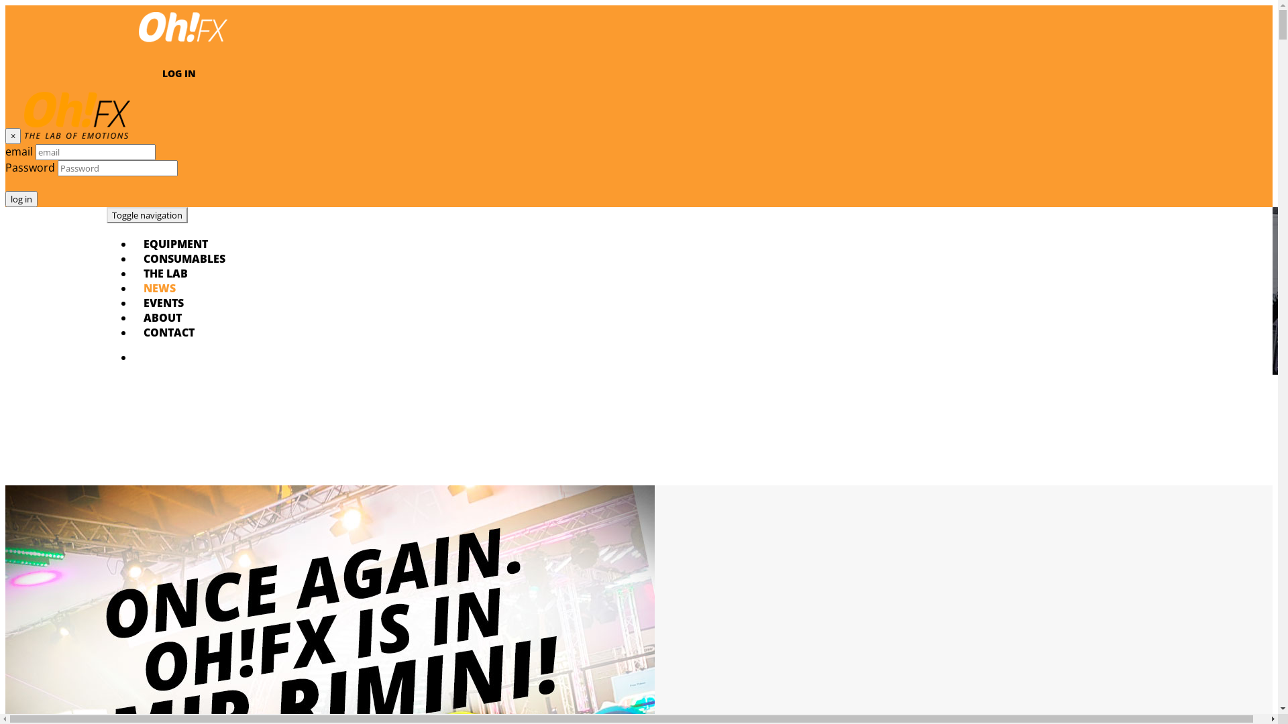 This screenshot has height=724, width=1288. Describe the element at coordinates (144, 243) in the screenshot. I see `'EQUIPMENT'` at that location.